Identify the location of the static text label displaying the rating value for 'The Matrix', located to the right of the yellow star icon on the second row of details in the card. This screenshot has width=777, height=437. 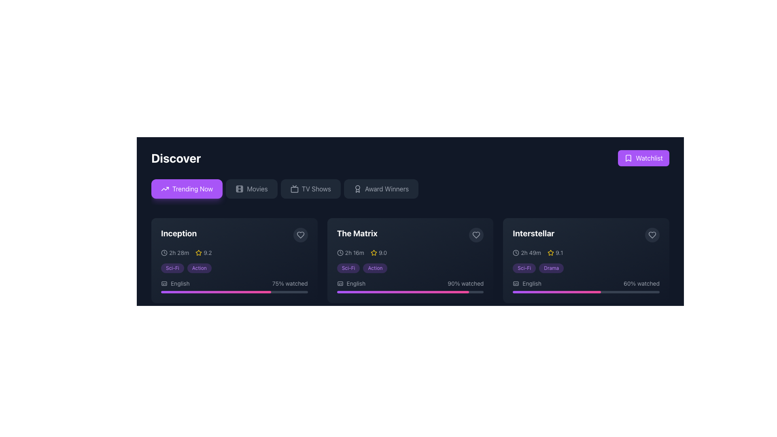
(382, 252).